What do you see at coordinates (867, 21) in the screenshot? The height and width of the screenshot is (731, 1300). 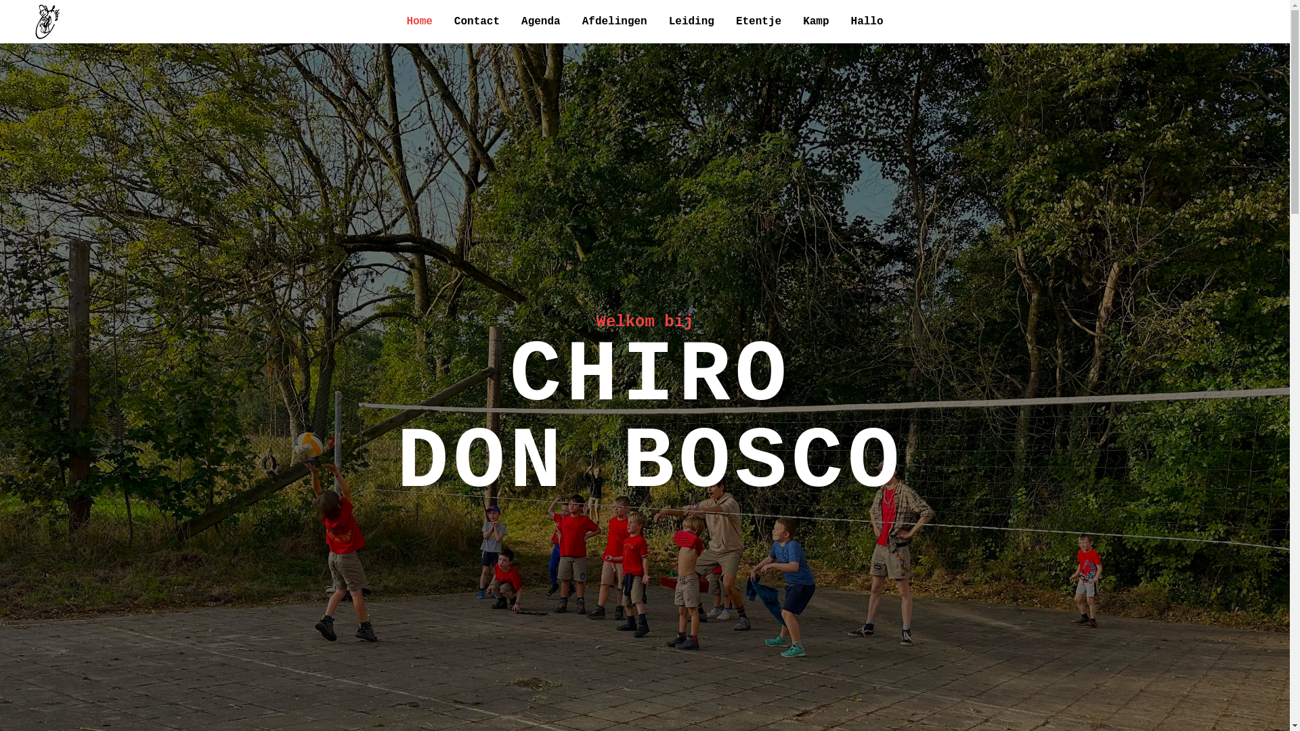 I see `'Hallo'` at bounding box center [867, 21].